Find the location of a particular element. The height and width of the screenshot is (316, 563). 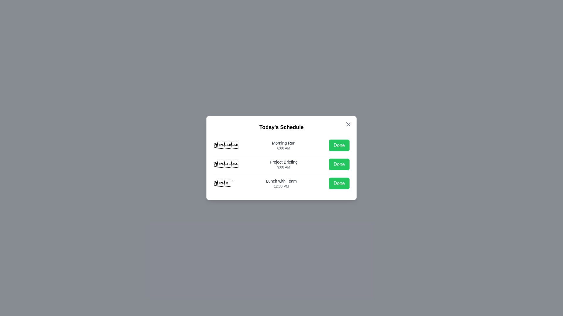

'Done' button for the task 'Lunch with Team' is located at coordinates (339, 183).